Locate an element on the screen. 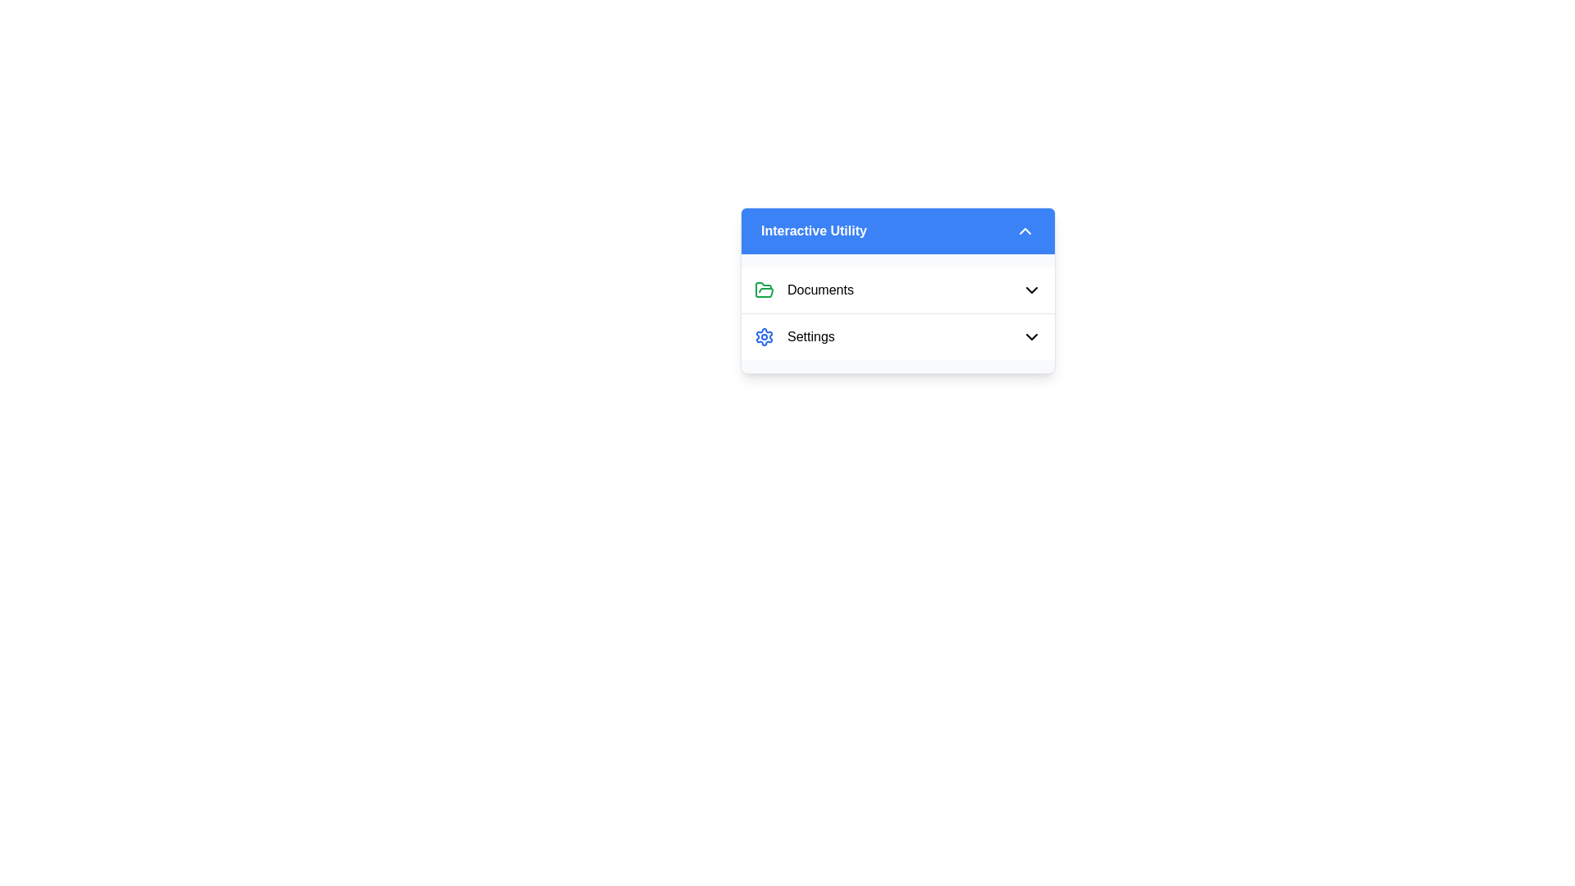 The image size is (1575, 886). the green folder icon located in the top row of the 'Interactive Utility' dropdown panel, which is the first icon to the left of the text 'Documents' is located at coordinates (763, 290).